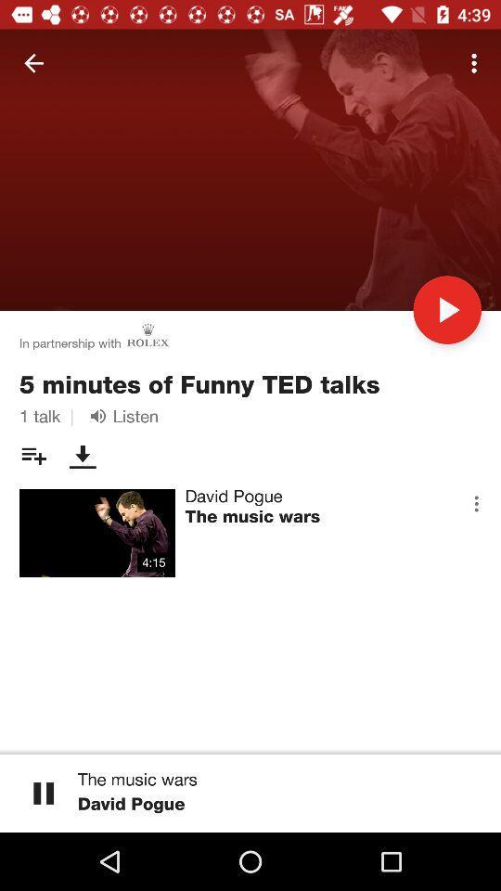 The image size is (501, 891). What do you see at coordinates (446, 310) in the screenshot?
I see `the play icon` at bounding box center [446, 310].